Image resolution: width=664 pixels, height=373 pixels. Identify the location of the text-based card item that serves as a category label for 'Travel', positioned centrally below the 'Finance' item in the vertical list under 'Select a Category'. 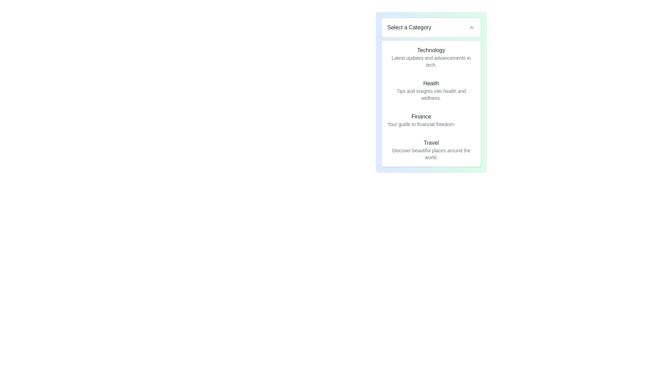
(431, 150).